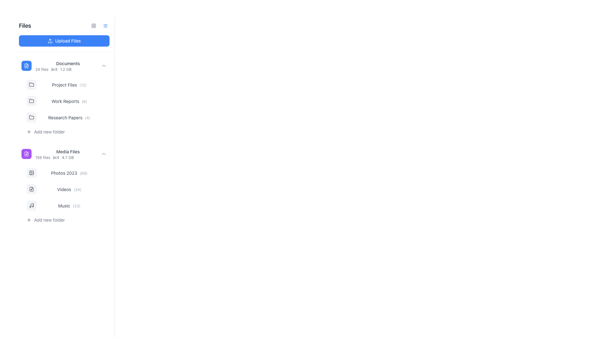 This screenshot has width=606, height=340. I want to click on the button that adds a new folder under the 'Documents' category, located directly below the 'Research Papers (4)' entry, so click(67, 132).